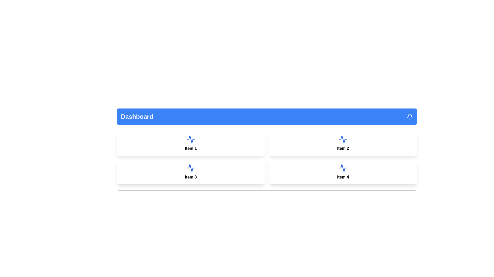 This screenshot has width=494, height=277. What do you see at coordinates (343, 168) in the screenshot?
I see `the blue waveform icon located in the bottom-right card labeled 'Item 4', positioned above the text 'Item 4'` at bounding box center [343, 168].